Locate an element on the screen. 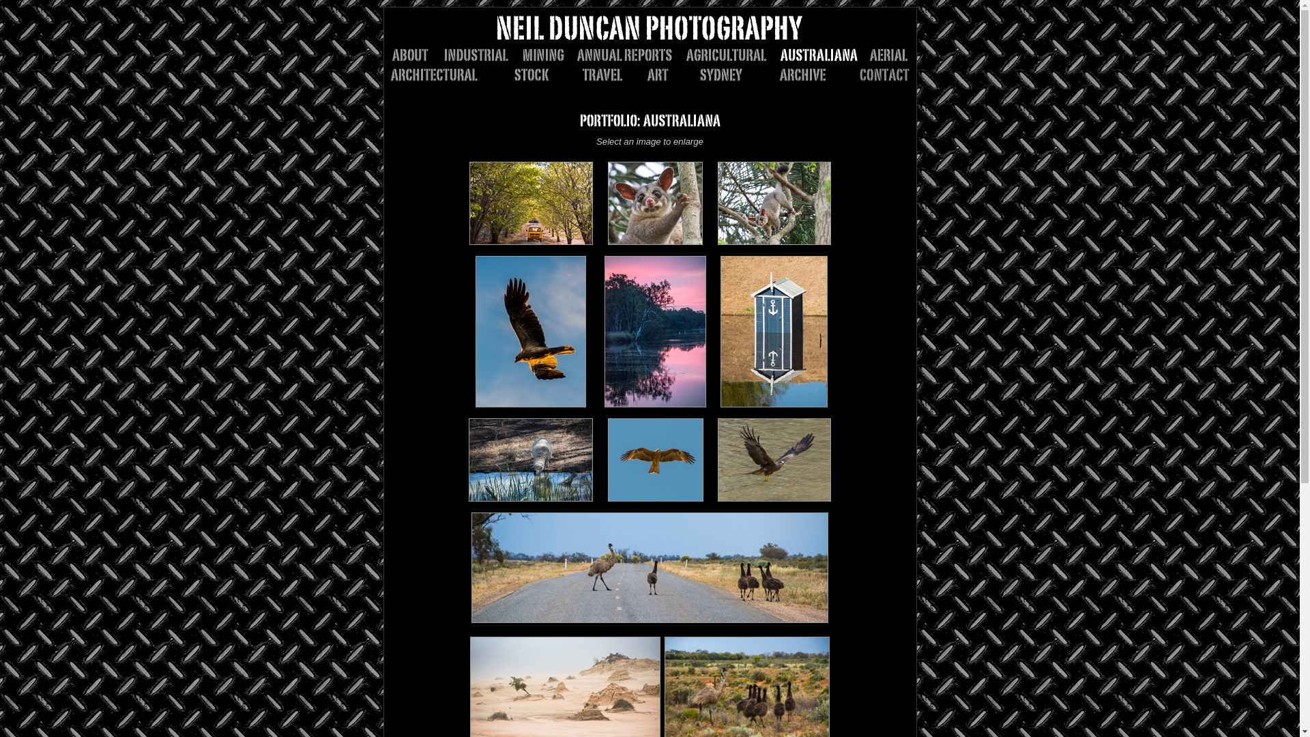  'Architectural' is located at coordinates (441, 74).